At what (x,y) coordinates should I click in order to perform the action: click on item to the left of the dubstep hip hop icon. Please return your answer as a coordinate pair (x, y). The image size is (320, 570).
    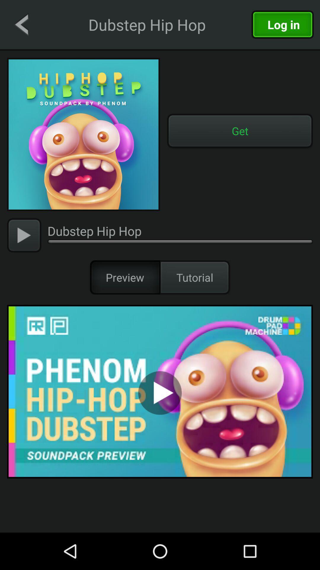
    Looking at the image, I should click on (24, 235).